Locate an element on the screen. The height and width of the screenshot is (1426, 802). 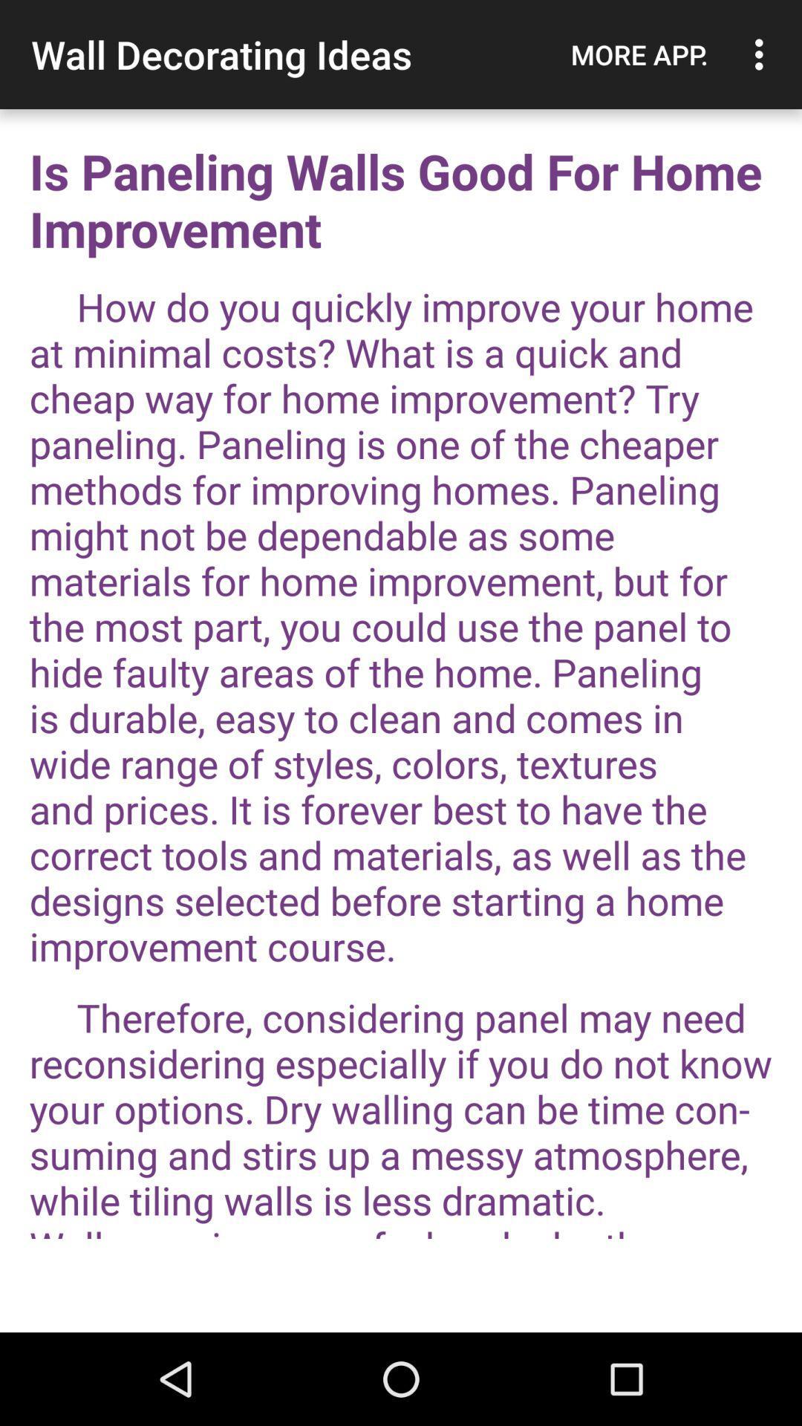
app above is paneling walls app is located at coordinates (763, 54).